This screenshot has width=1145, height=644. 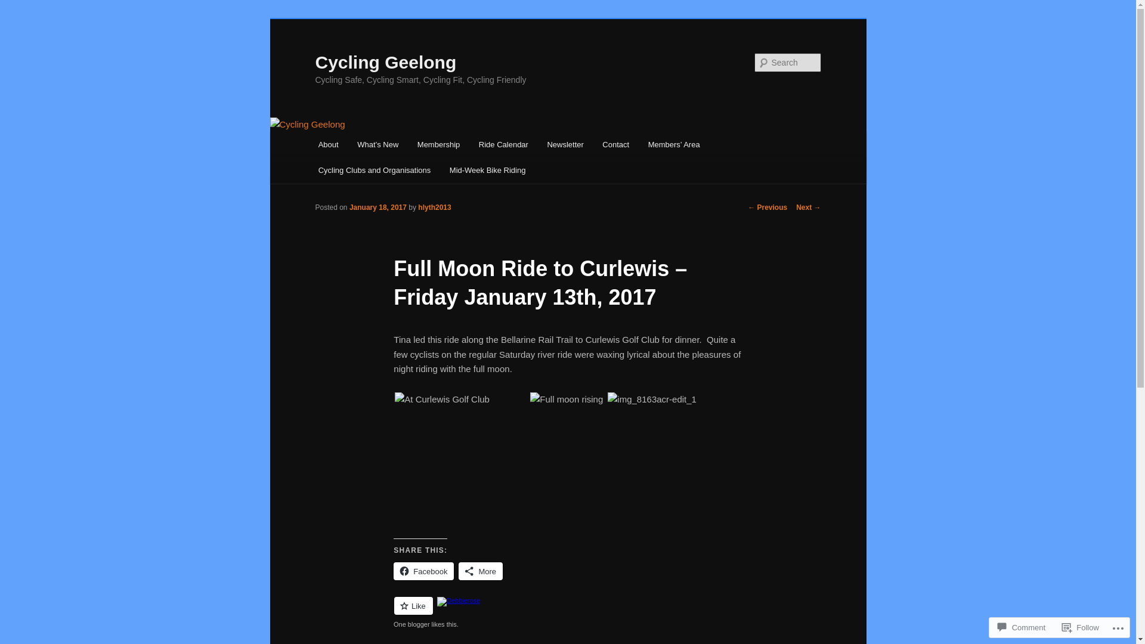 What do you see at coordinates (315, 62) in the screenshot?
I see `'Cycling Geelong'` at bounding box center [315, 62].